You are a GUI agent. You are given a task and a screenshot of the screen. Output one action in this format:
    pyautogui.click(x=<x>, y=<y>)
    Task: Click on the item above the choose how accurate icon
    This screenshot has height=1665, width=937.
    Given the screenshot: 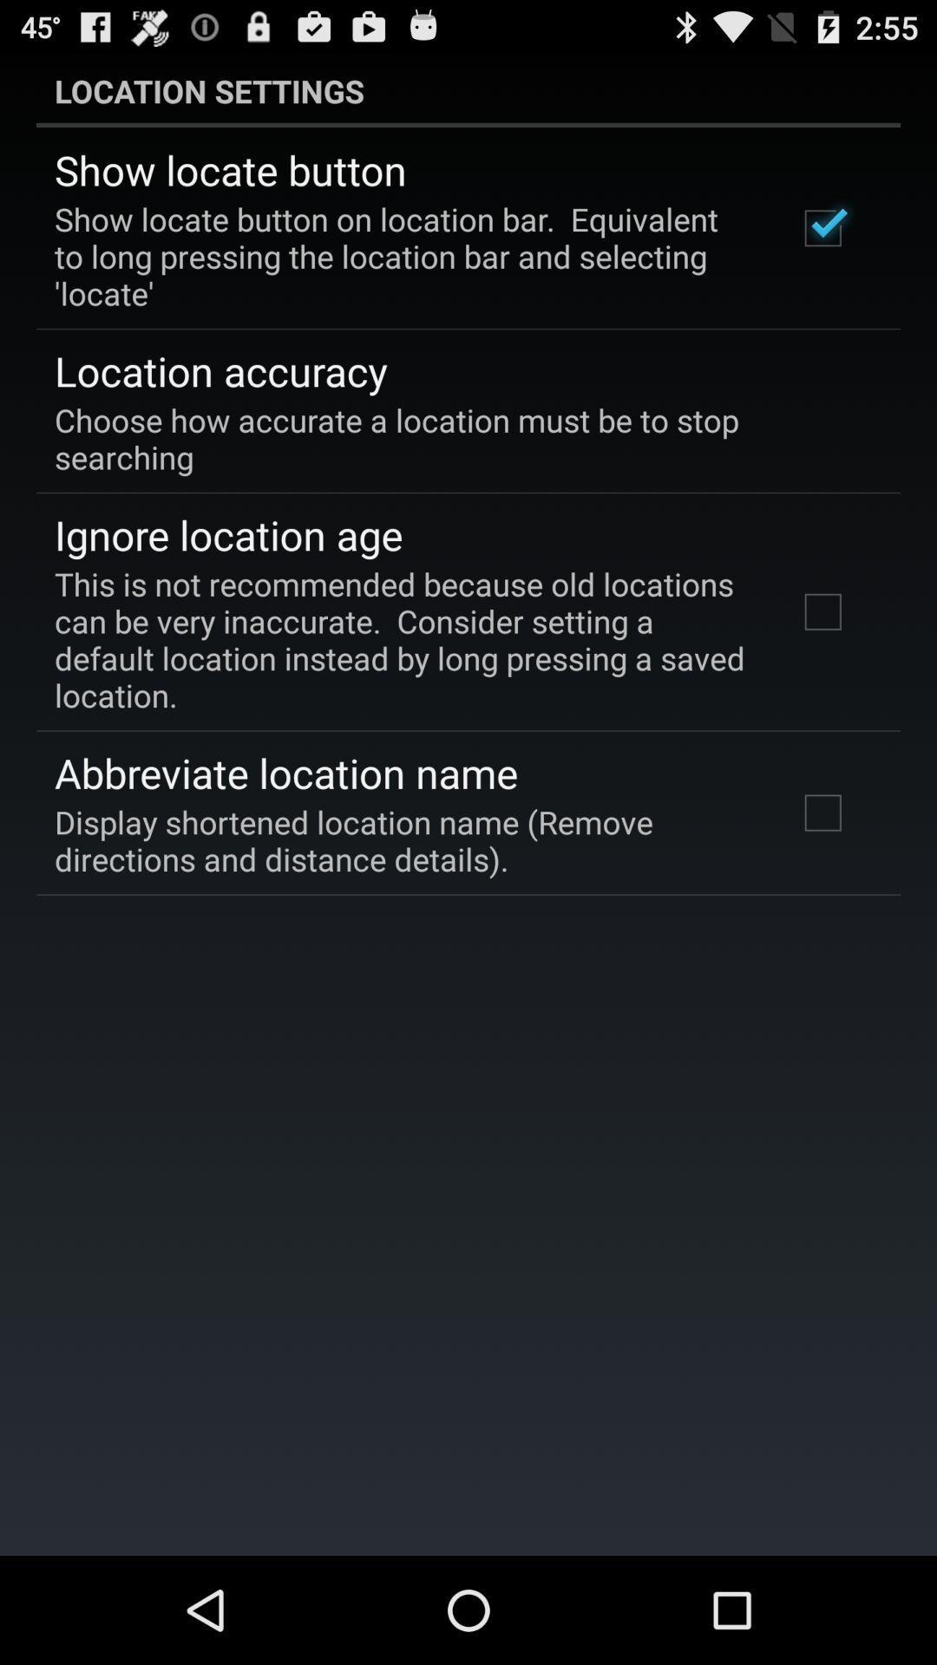 What is the action you would take?
    pyautogui.click(x=220, y=369)
    